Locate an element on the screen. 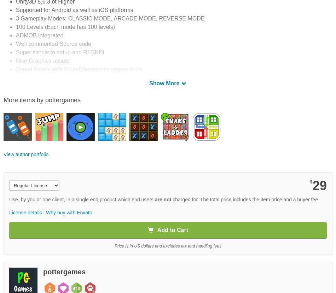 The width and height of the screenshot is (336, 293). 'Price is in US dollars and excludes tax and handling fees' is located at coordinates (167, 245).